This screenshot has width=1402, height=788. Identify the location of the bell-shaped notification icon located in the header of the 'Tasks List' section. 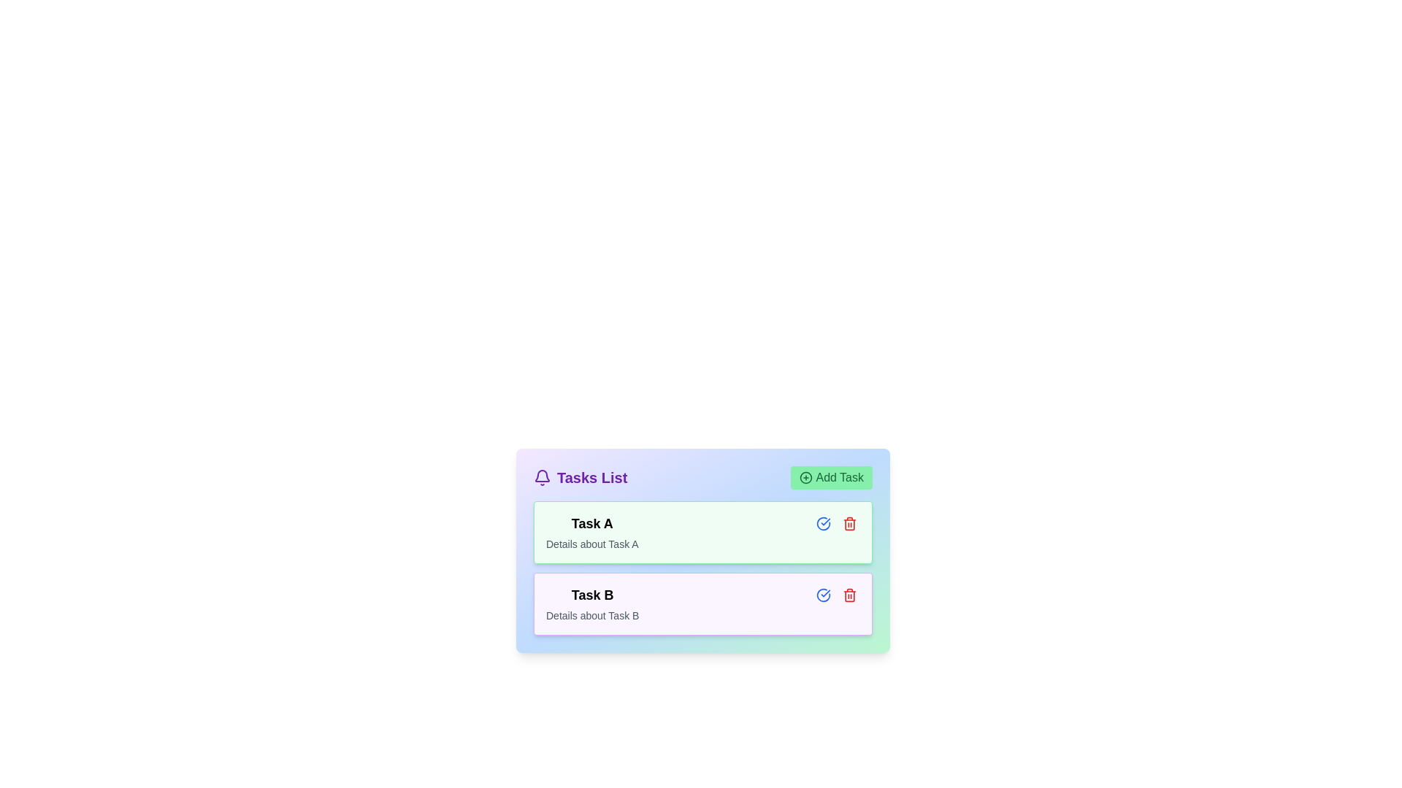
(542, 476).